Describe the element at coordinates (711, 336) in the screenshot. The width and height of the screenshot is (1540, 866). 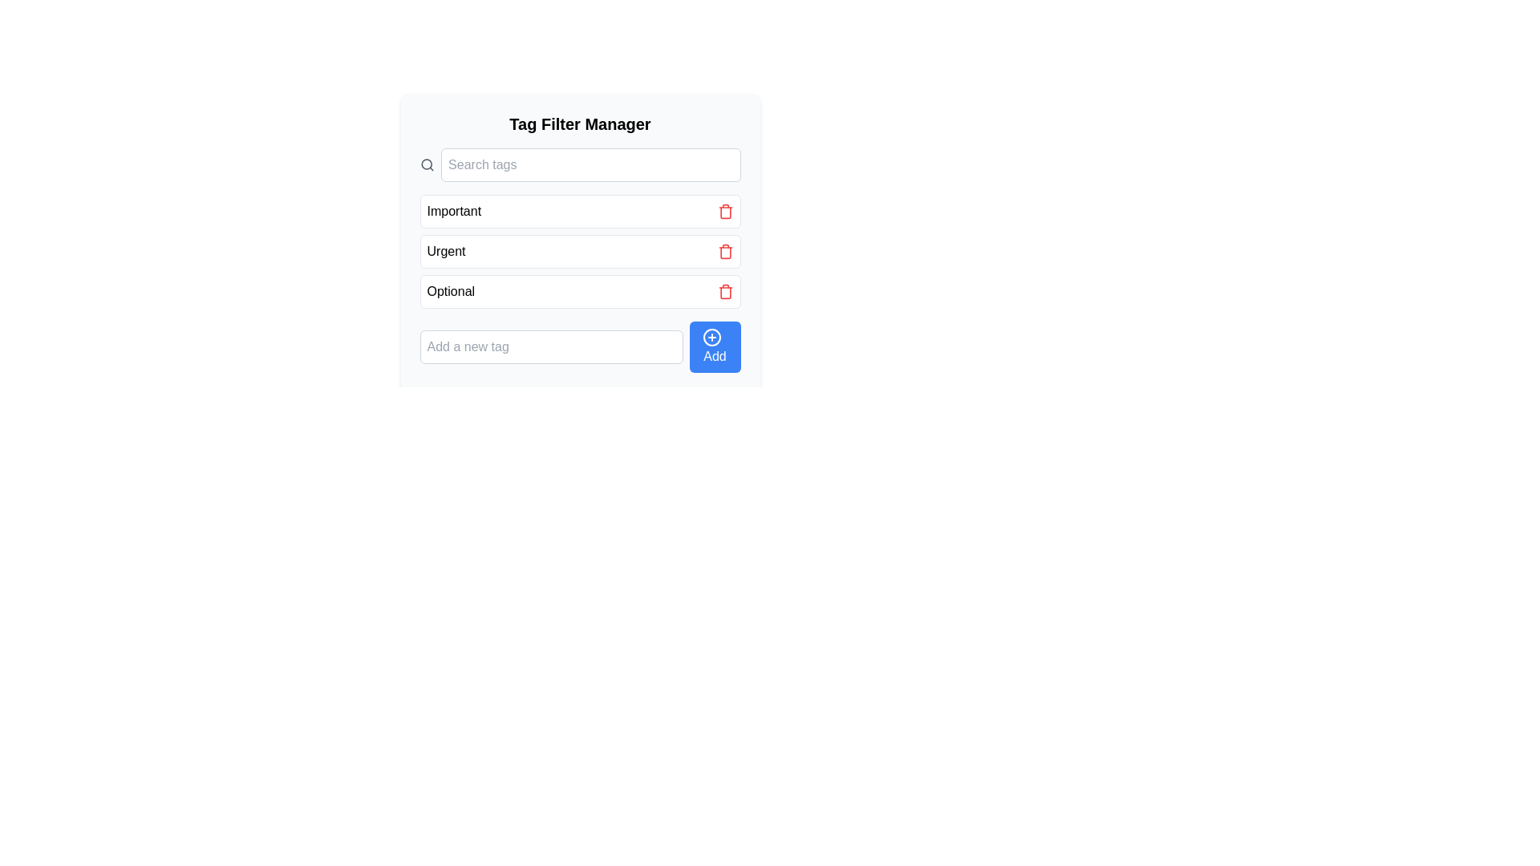
I see `the decorative icon of the 'Add' button, which is positioned to the left of the button and below other text input fields` at that location.